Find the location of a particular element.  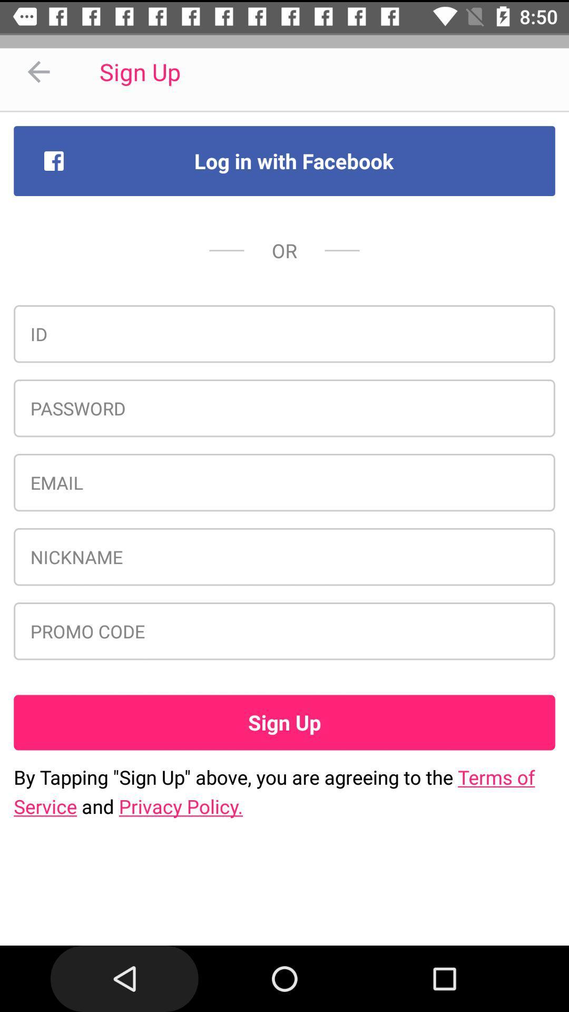

by tapping sign item is located at coordinates (284, 792).